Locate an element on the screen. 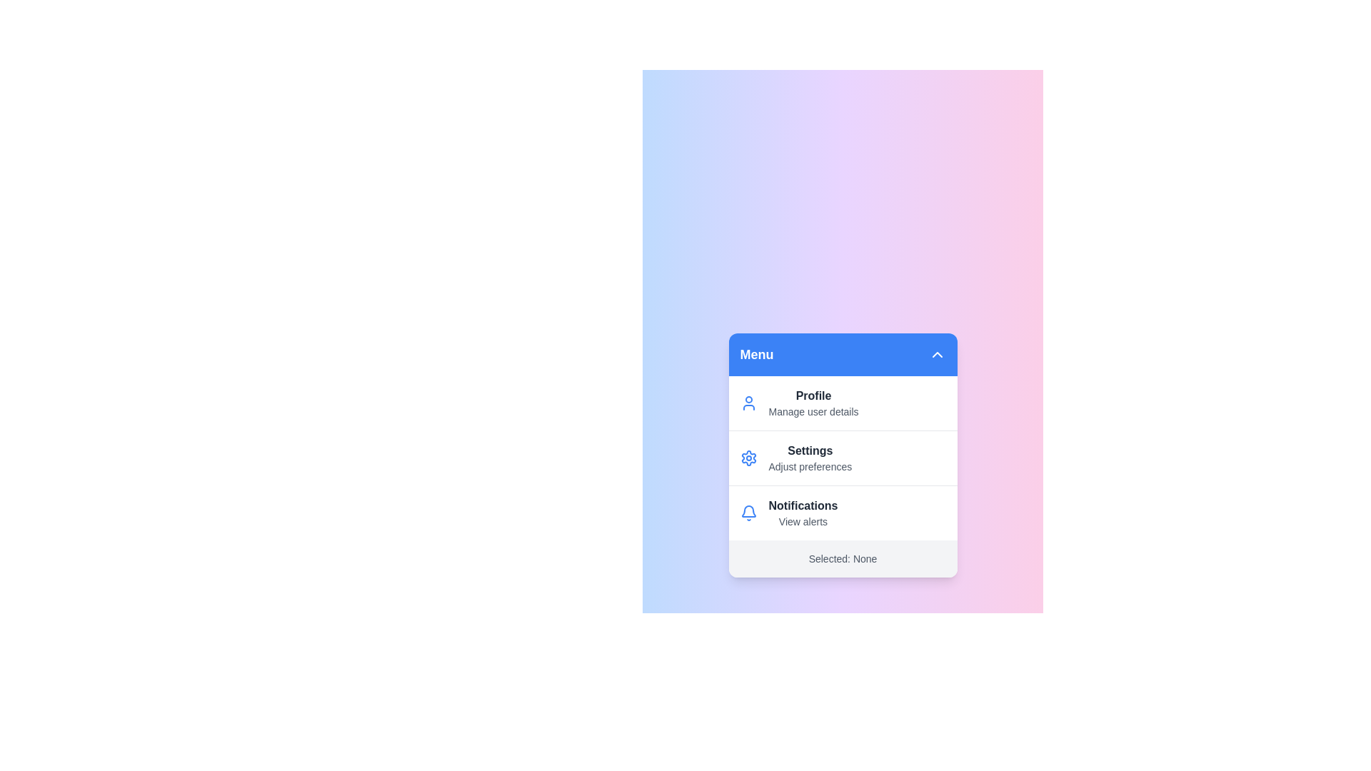 This screenshot has height=771, width=1371. the menu option Settings from the available options is located at coordinates (843, 458).